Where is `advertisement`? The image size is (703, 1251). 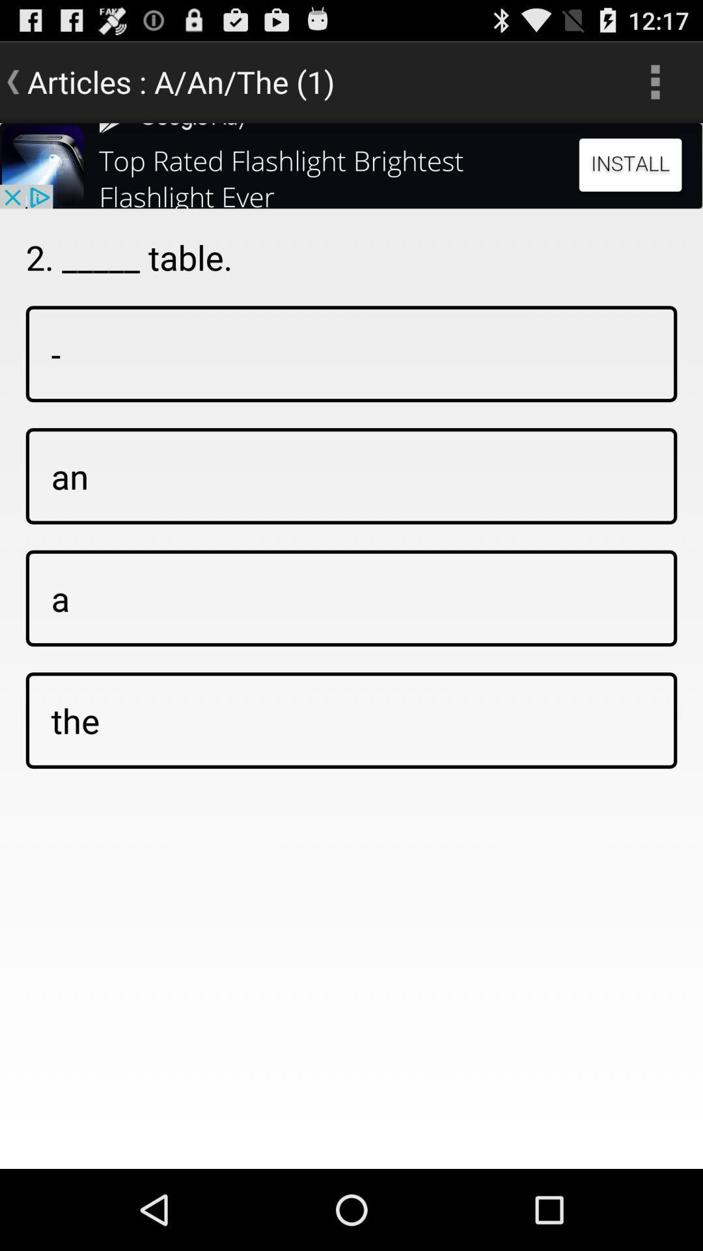 advertisement is located at coordinates (351, 165).